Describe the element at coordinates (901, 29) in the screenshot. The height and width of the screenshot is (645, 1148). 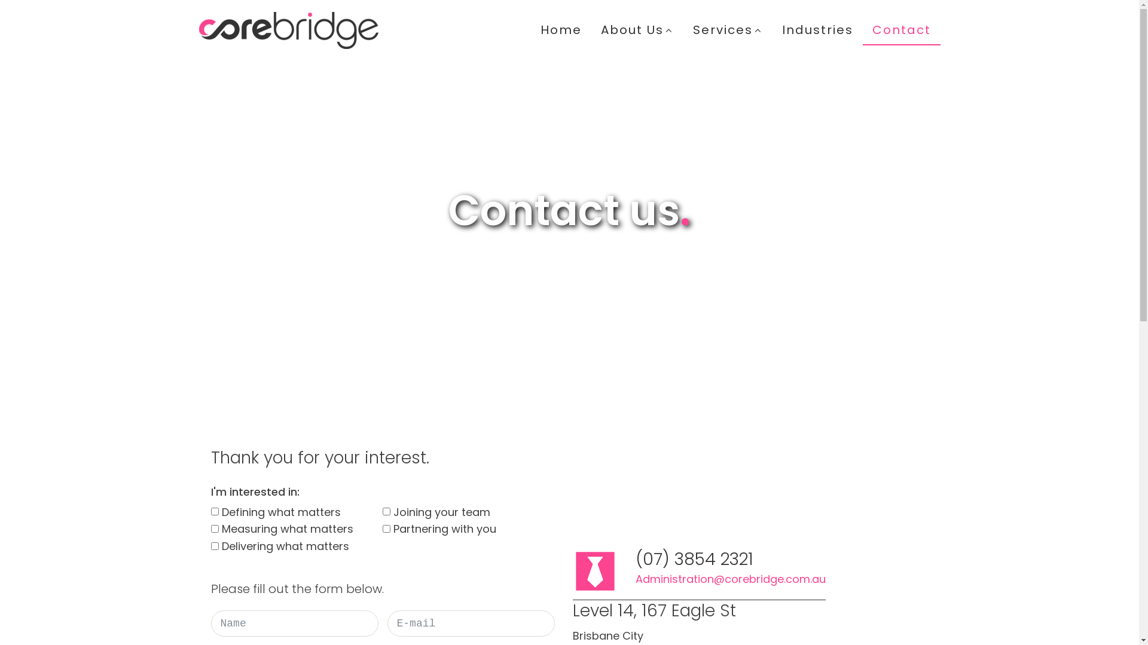
I see `'Contact'` at that location.